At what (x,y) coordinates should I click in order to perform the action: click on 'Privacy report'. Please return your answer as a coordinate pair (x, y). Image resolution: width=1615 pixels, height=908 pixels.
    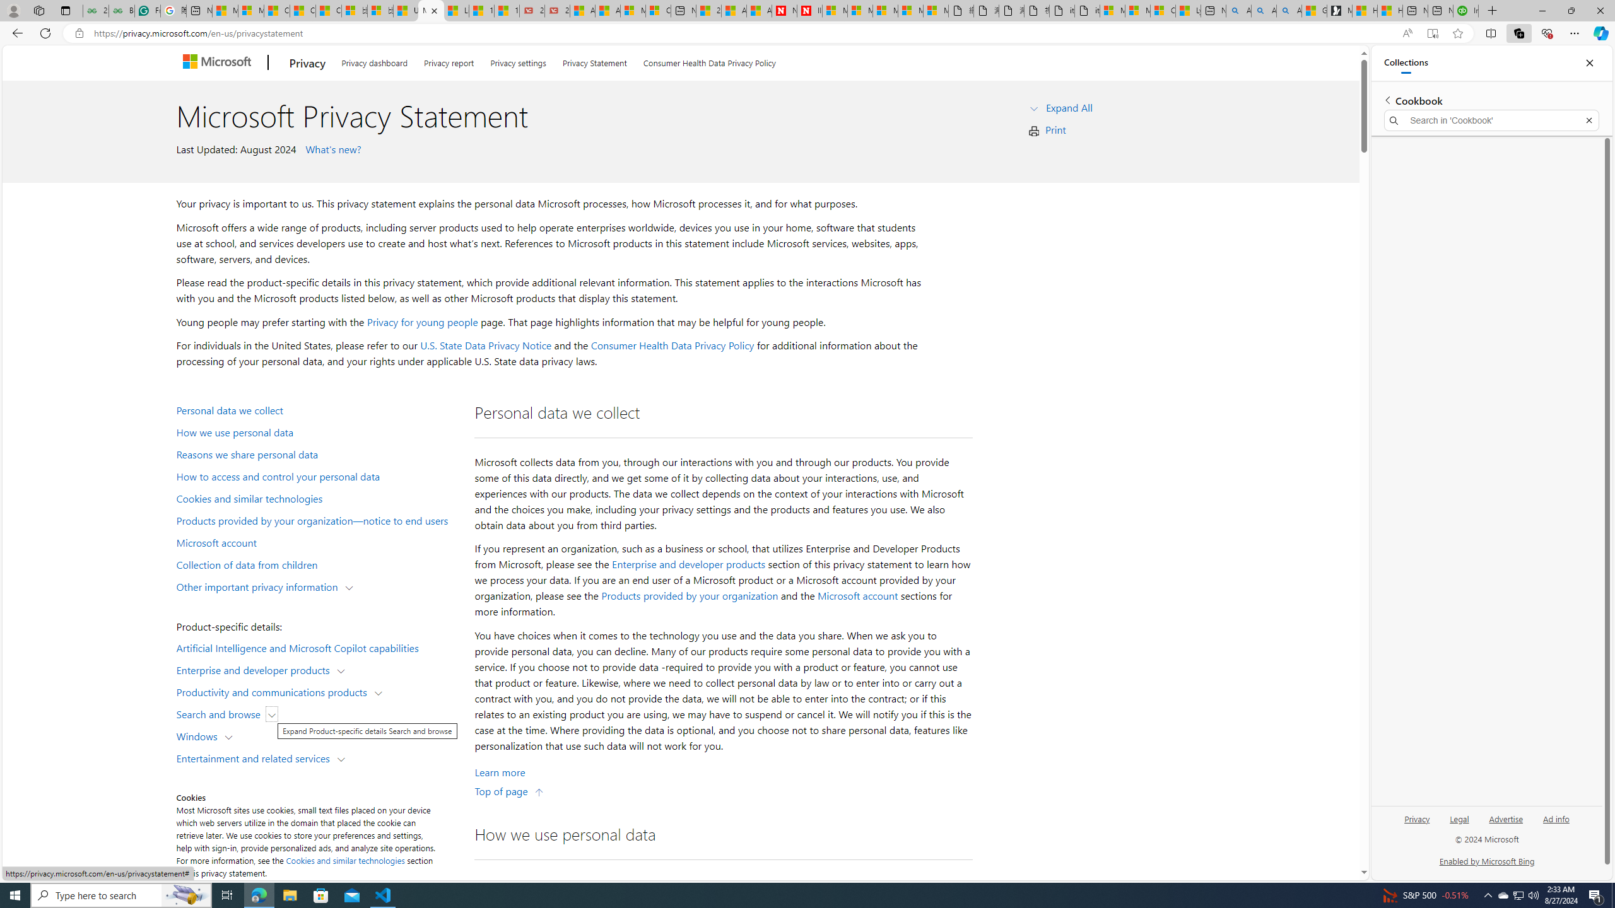
    Looking at the image, I should click on (448, 61).